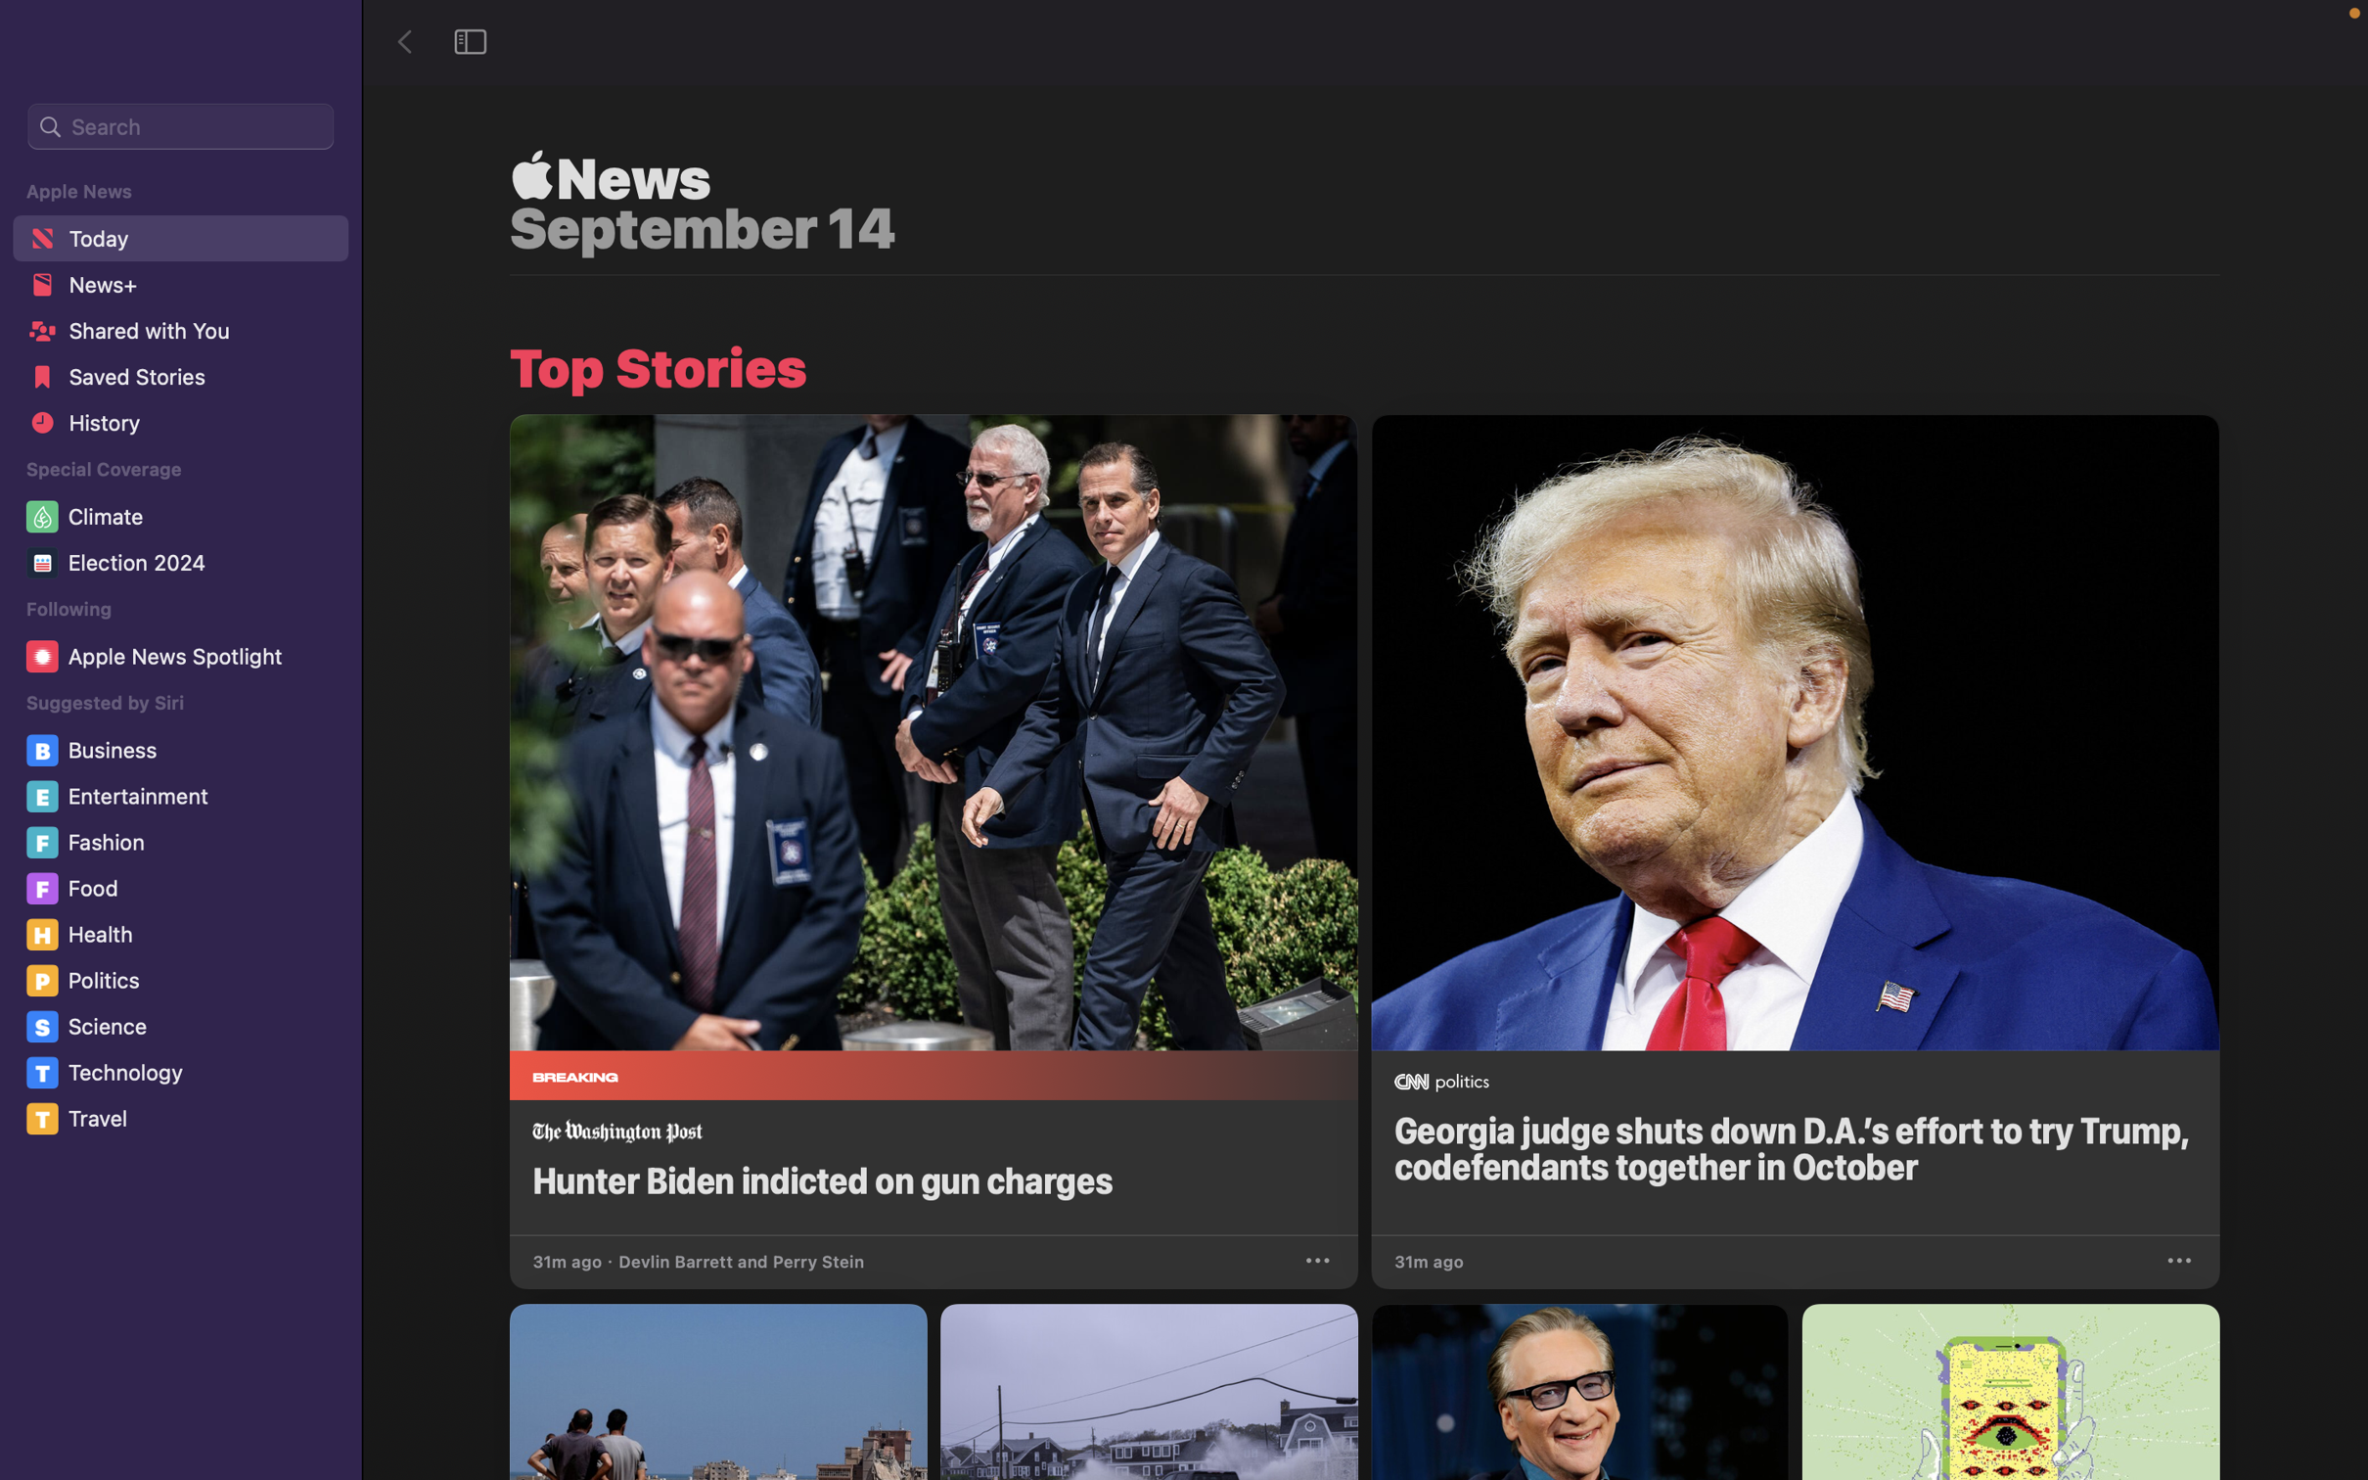 This screenshot has height=1480, width=2368. I want to click on the "Shared with you" feature, so click(177, 336).